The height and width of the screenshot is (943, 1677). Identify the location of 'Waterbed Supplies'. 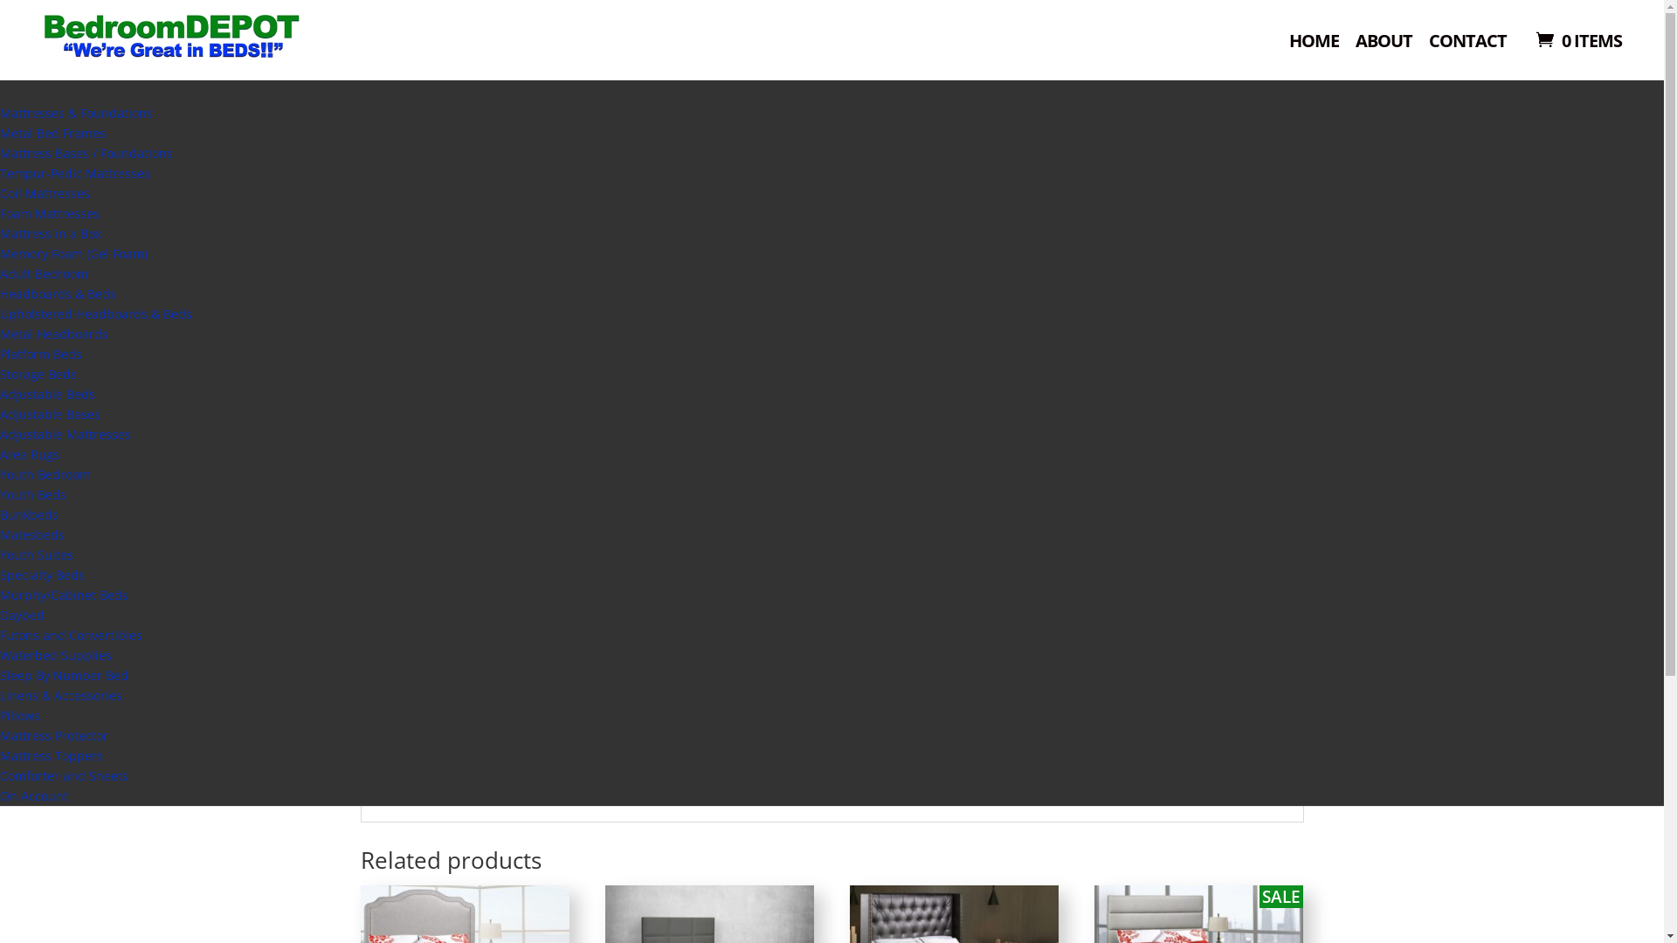
(55, 655).